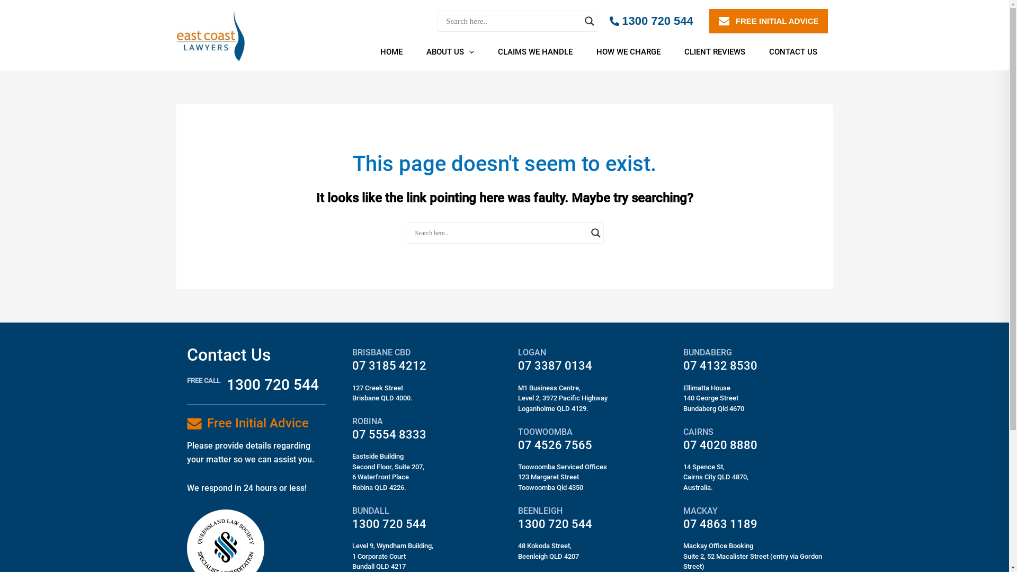  Describe the element at coordinates (539, 51) in the screenshot. I see `'CLAIMS WE HANDLE'` at that location.